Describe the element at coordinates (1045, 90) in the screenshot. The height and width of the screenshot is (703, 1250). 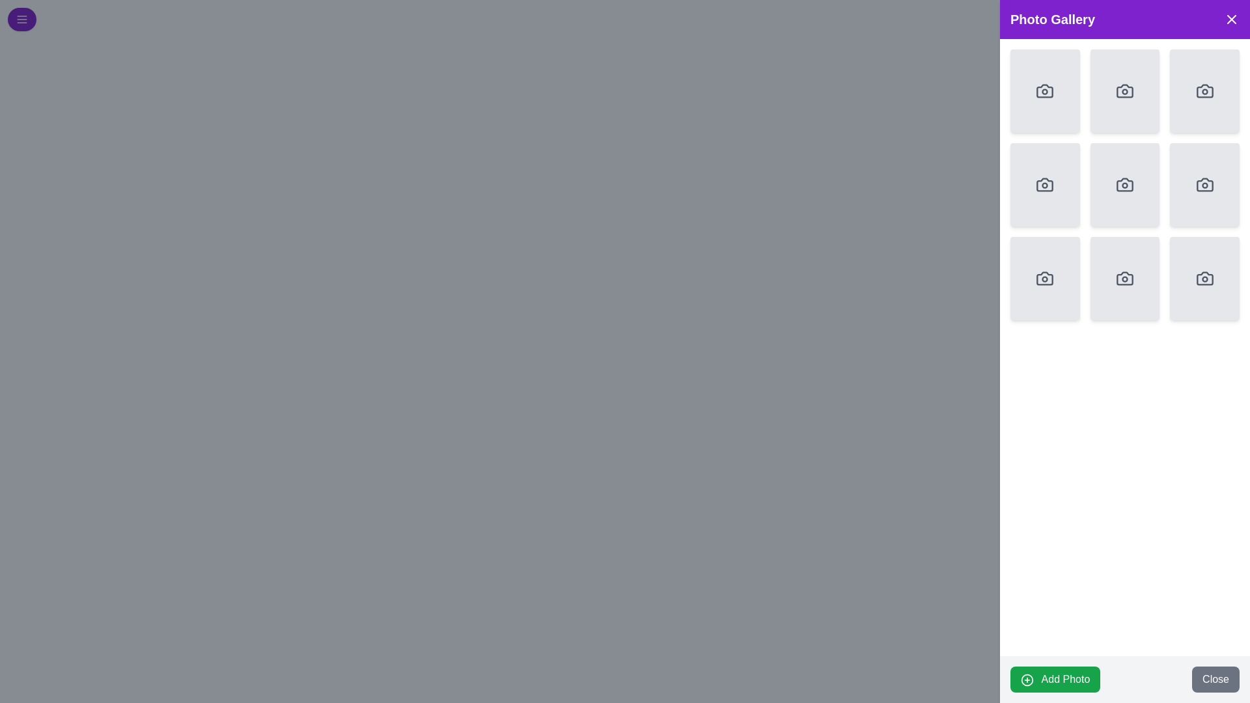
I see `the static visual placeholder or icon-holder that serves as a photo placeholder located in the top-left corner of the grid layout in the right-hand panel` at that location.